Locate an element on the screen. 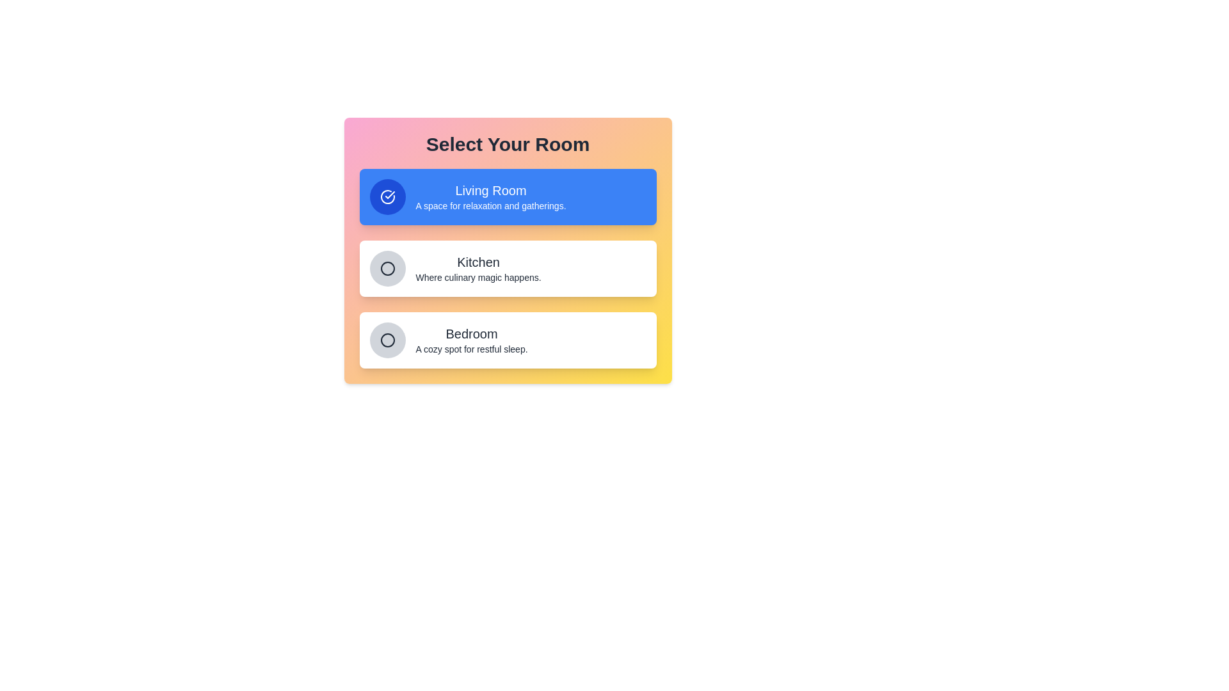  text displayed in the Text Display element located in the third room selection card for 'Bedroom', which is situated below the 'Kitchen' card is located at coordinates (471, 340).